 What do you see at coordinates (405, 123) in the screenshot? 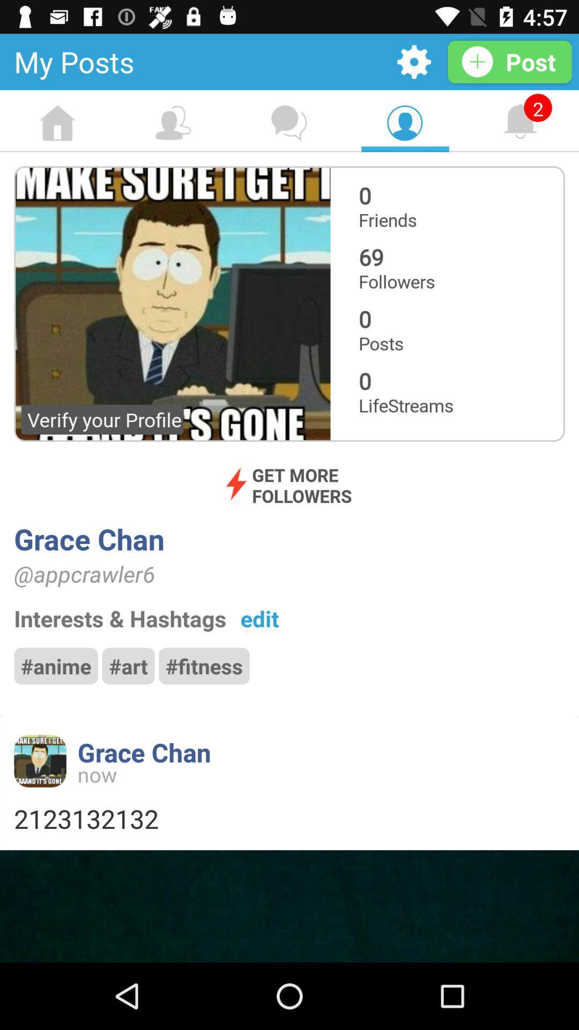
I see `the symbol which is to the immediate left of notification icon` at bounding box center [405, 123].